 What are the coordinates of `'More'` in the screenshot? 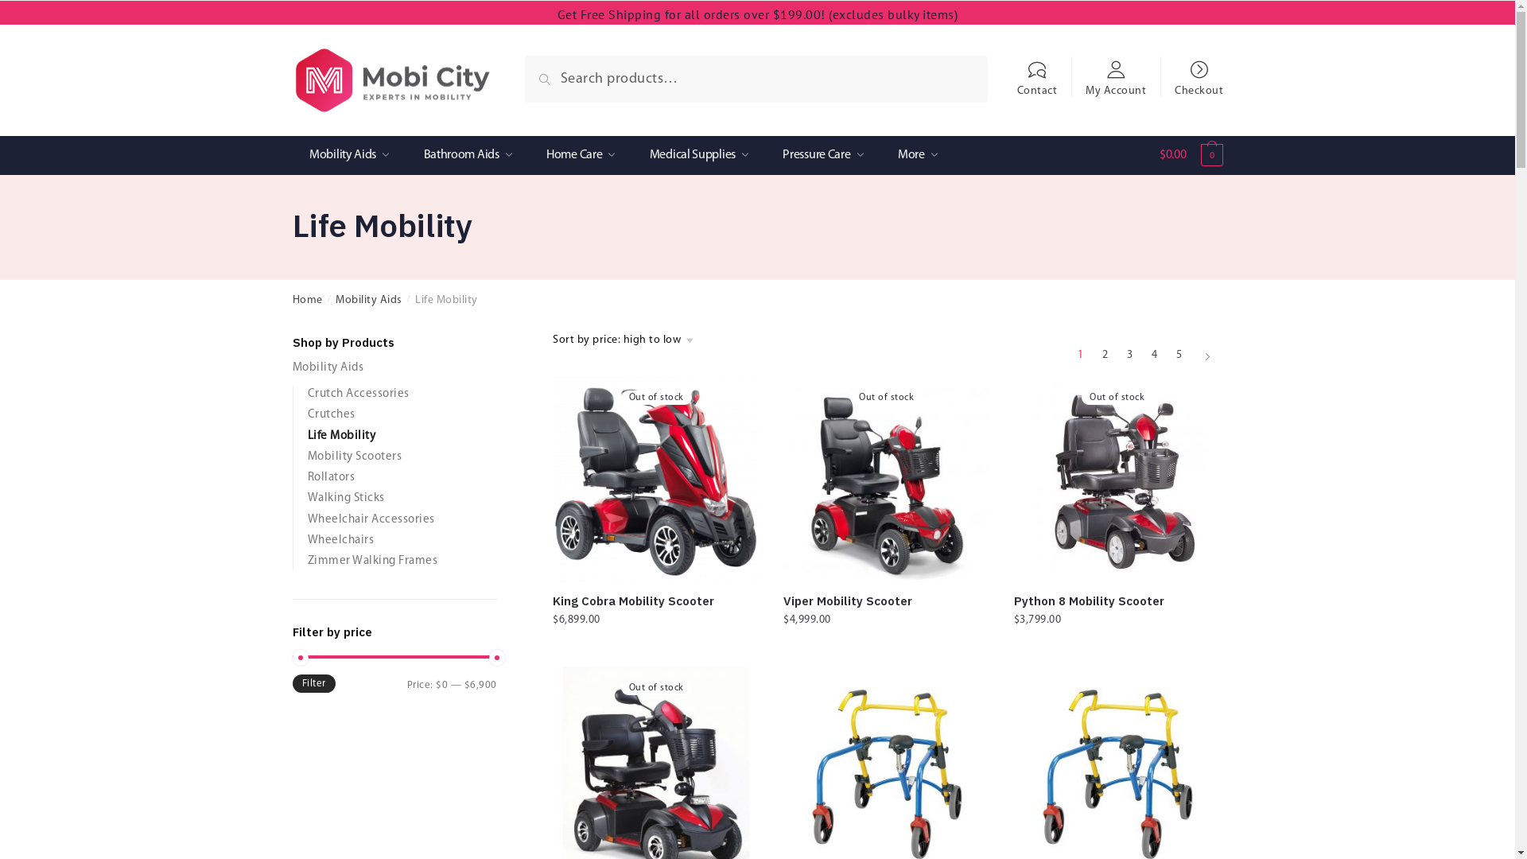 It's located at (917, 155).